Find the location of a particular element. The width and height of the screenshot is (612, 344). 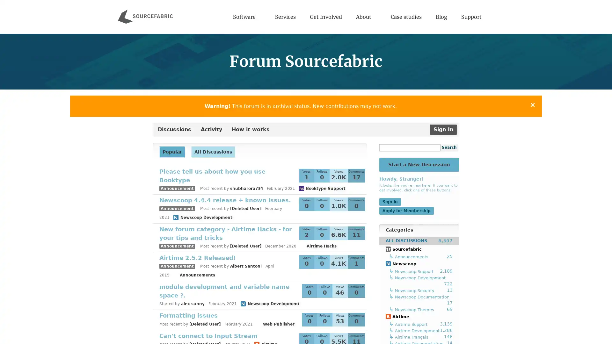

Search is located at coordinates (449, 148).